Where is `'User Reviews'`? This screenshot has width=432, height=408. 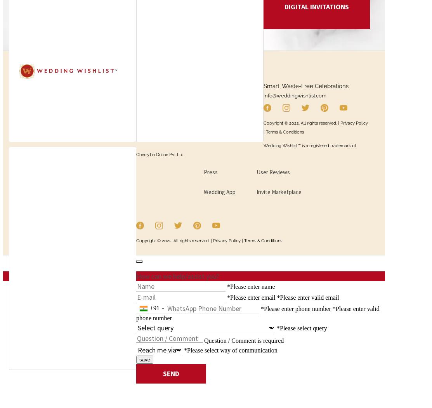
'User Reviews' is located at coordinates (272, 172).